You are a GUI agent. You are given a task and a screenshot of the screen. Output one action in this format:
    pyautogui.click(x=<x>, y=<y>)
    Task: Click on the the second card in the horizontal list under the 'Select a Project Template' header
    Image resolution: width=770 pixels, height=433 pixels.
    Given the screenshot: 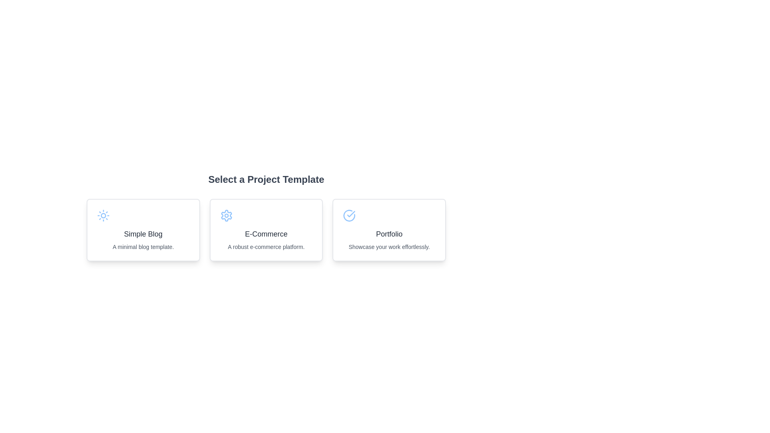 What is the action you would take?
    pyautogui.click(x=266, y=230)
    